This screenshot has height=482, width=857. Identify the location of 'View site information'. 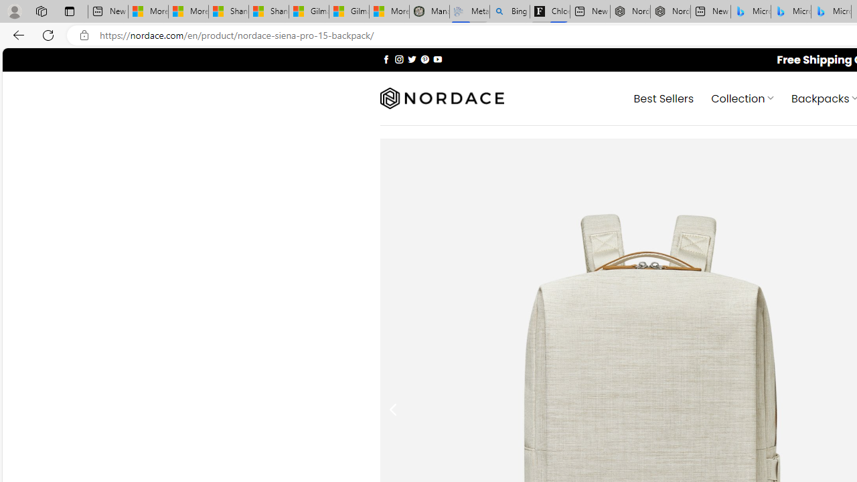
(84, 35).